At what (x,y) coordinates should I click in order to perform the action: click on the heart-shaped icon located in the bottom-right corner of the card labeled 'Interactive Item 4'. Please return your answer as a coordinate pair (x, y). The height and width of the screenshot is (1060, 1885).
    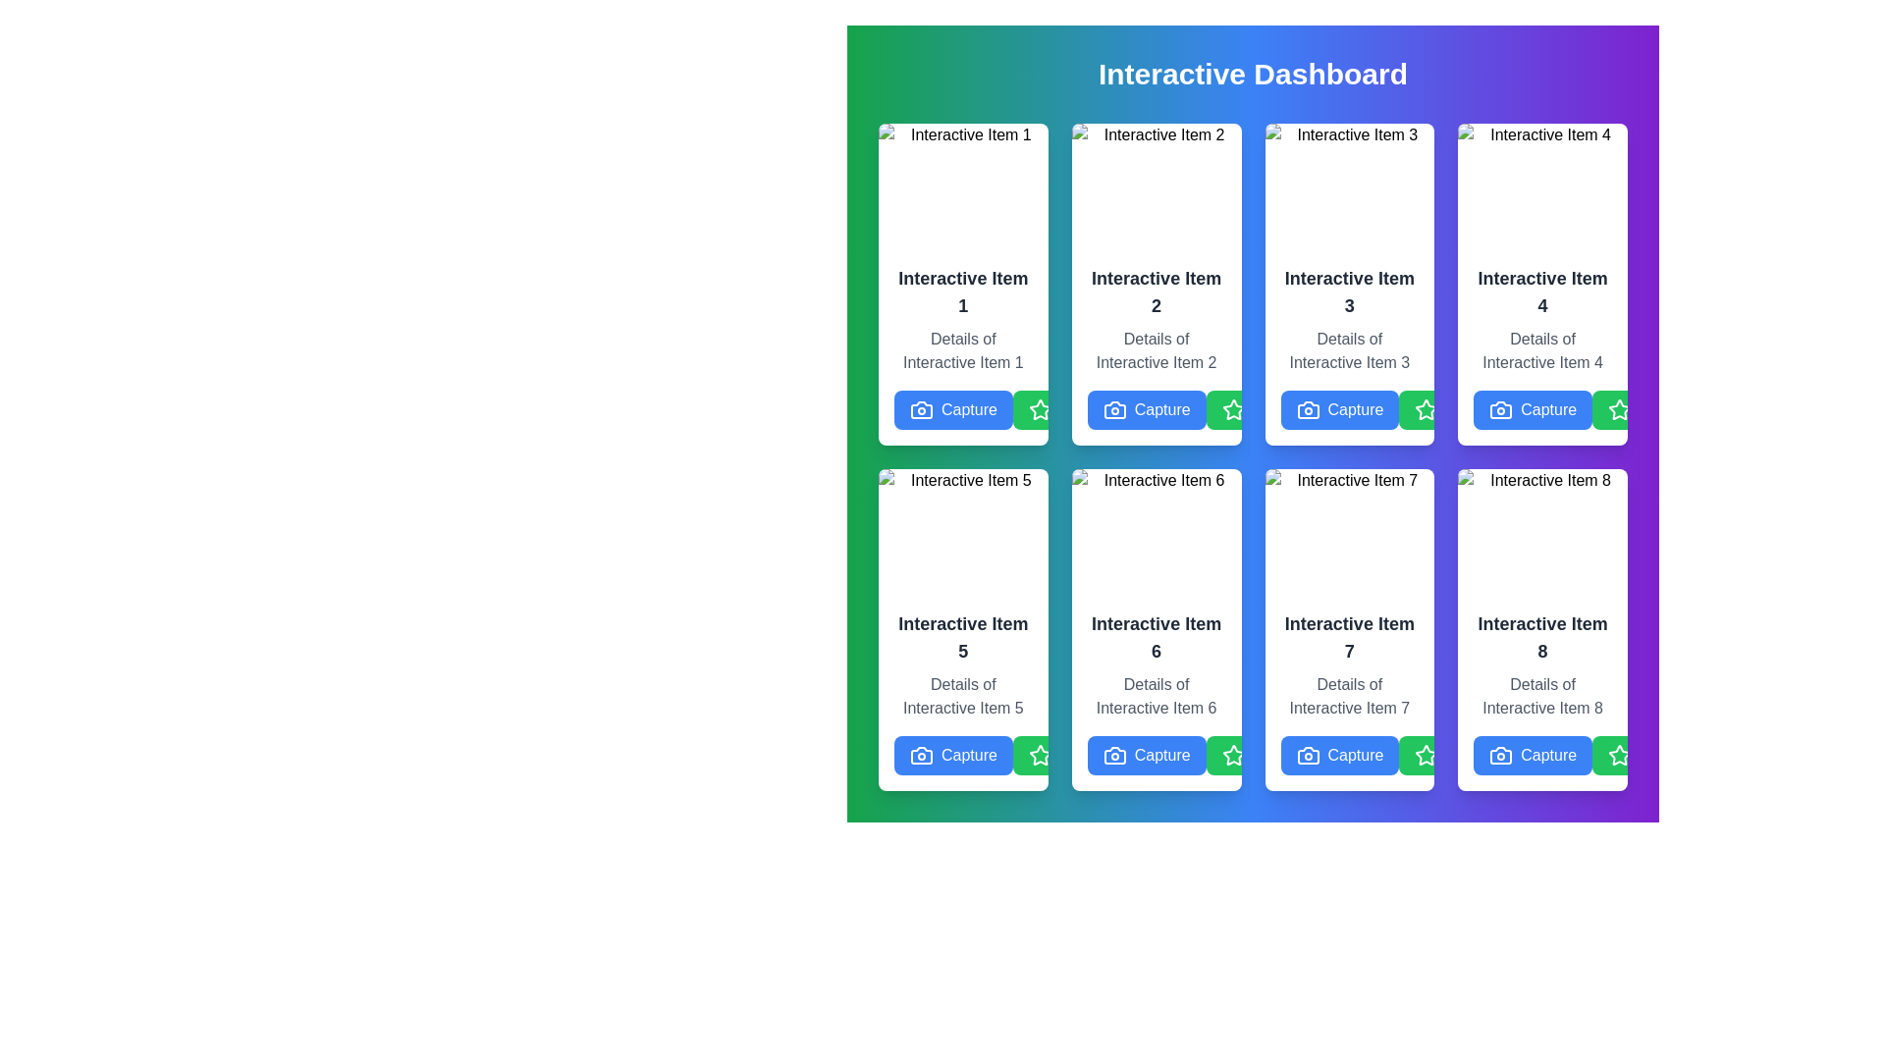
    Looking at the image, I should click on (1545, 408).